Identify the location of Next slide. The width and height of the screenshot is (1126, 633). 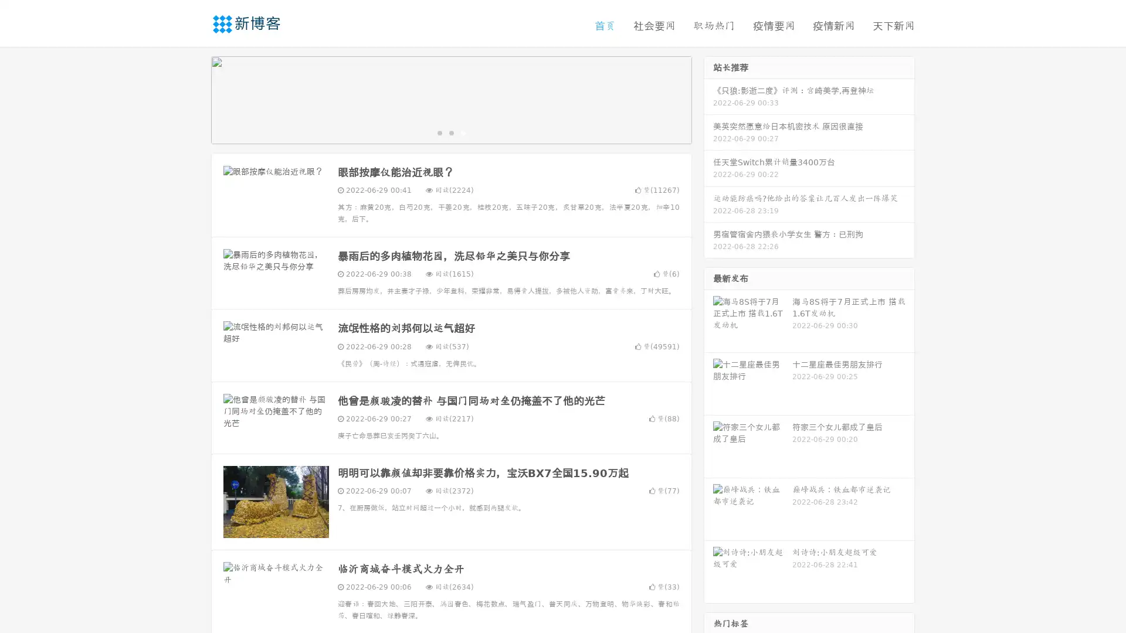
(708, 98).